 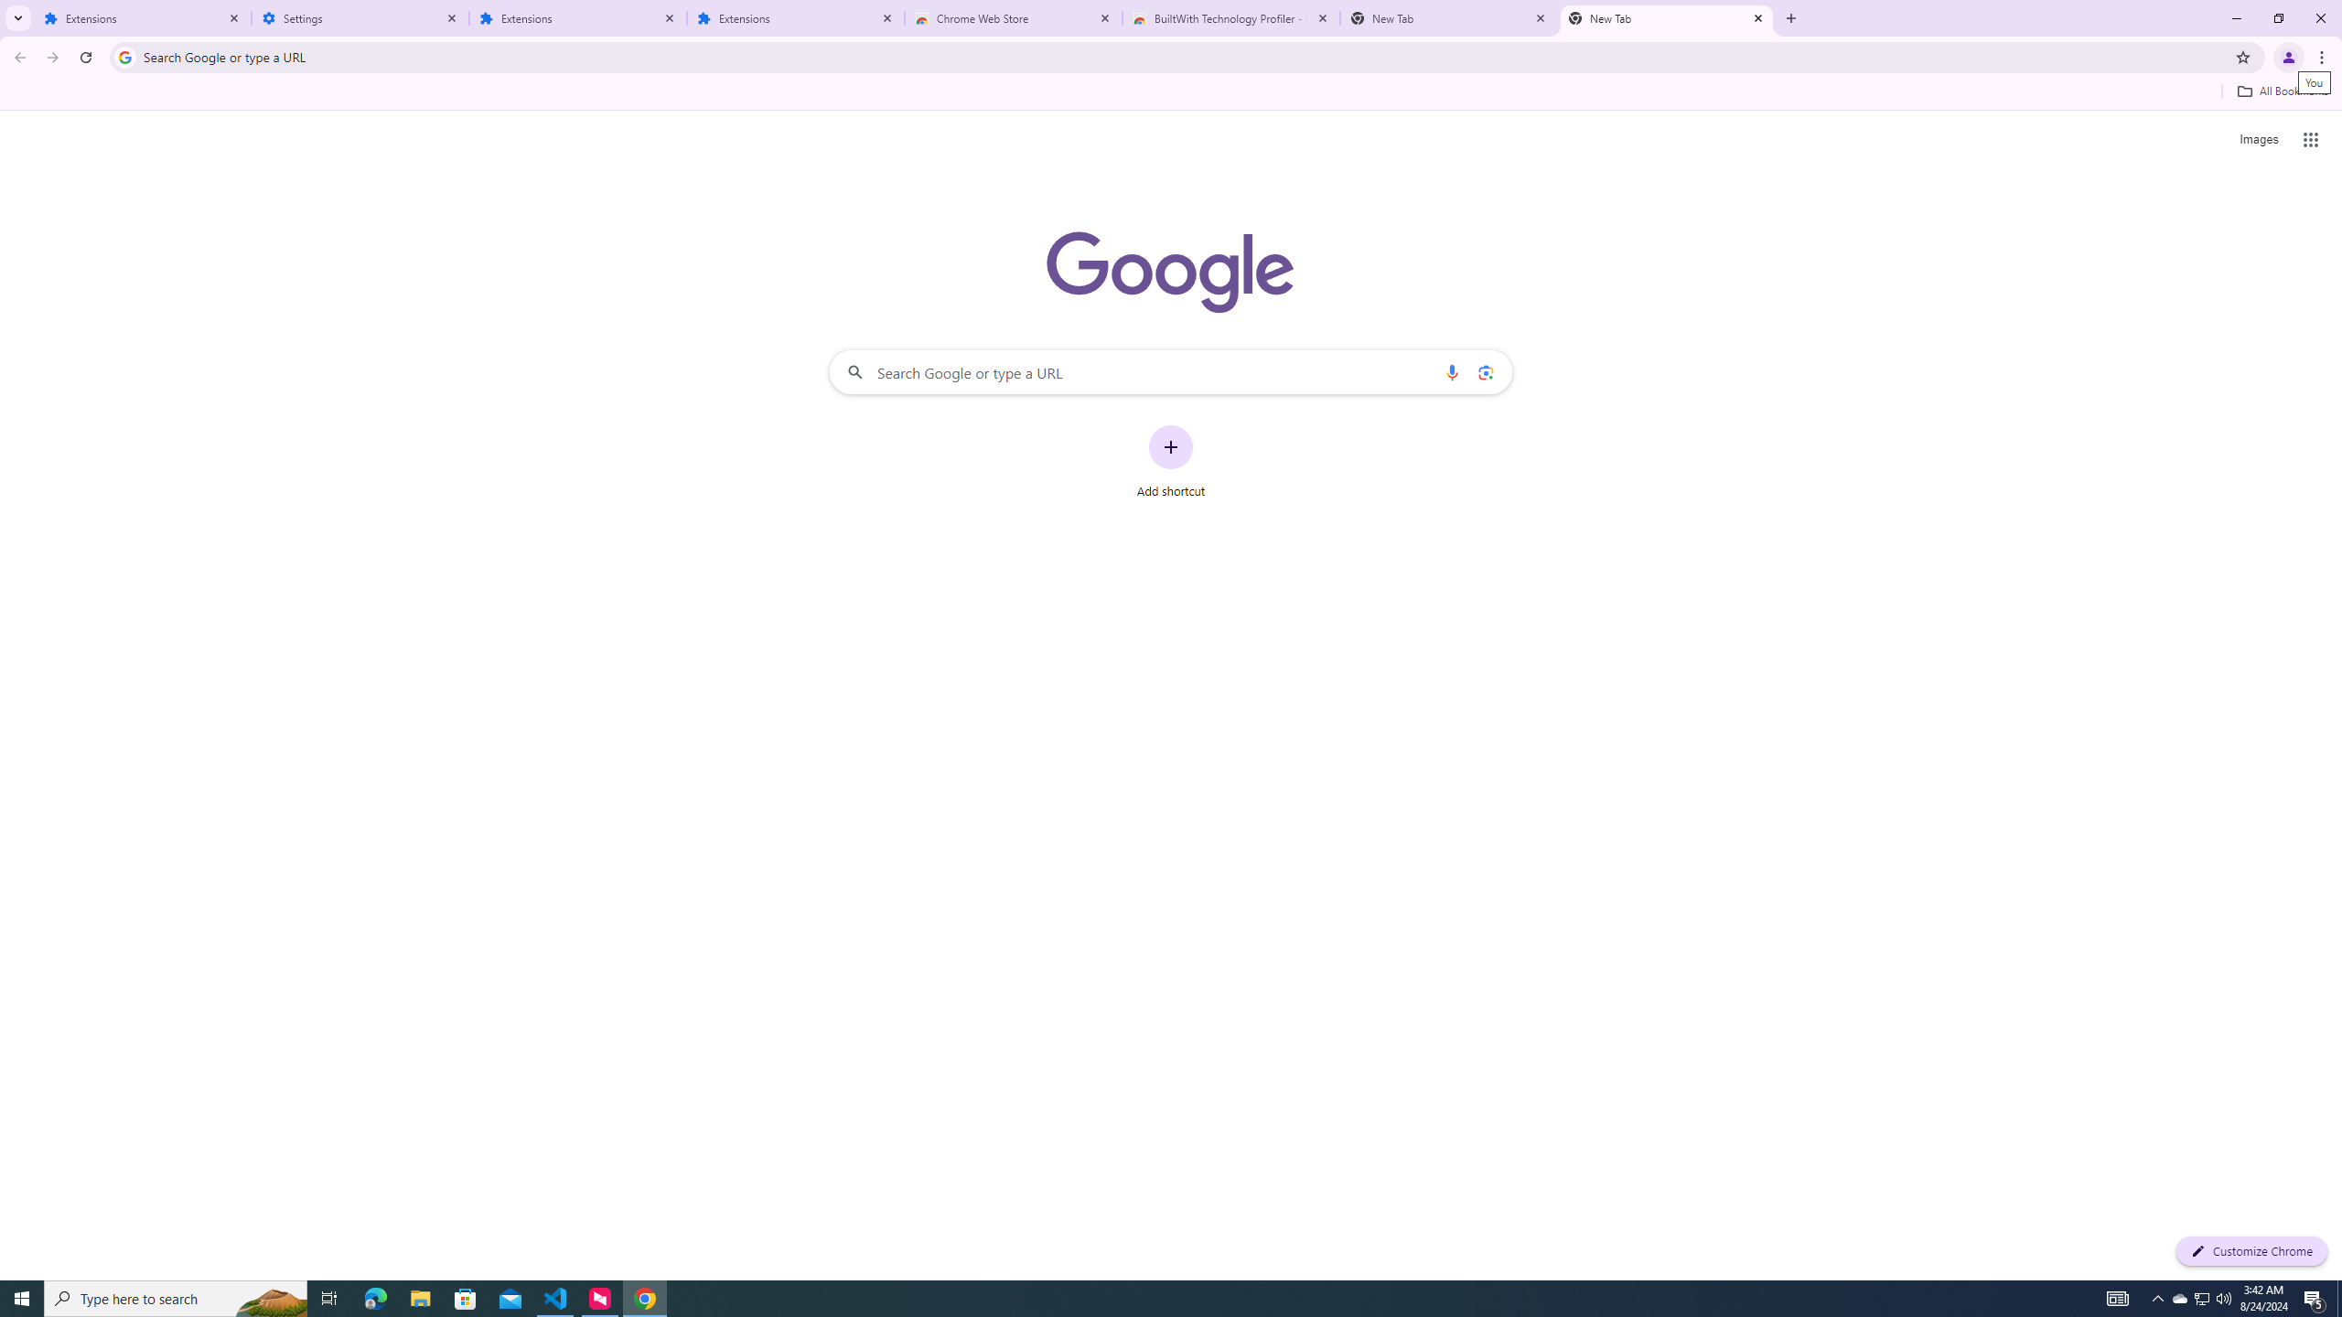 I want to click on 'Settings', so click(x=360, y=17).